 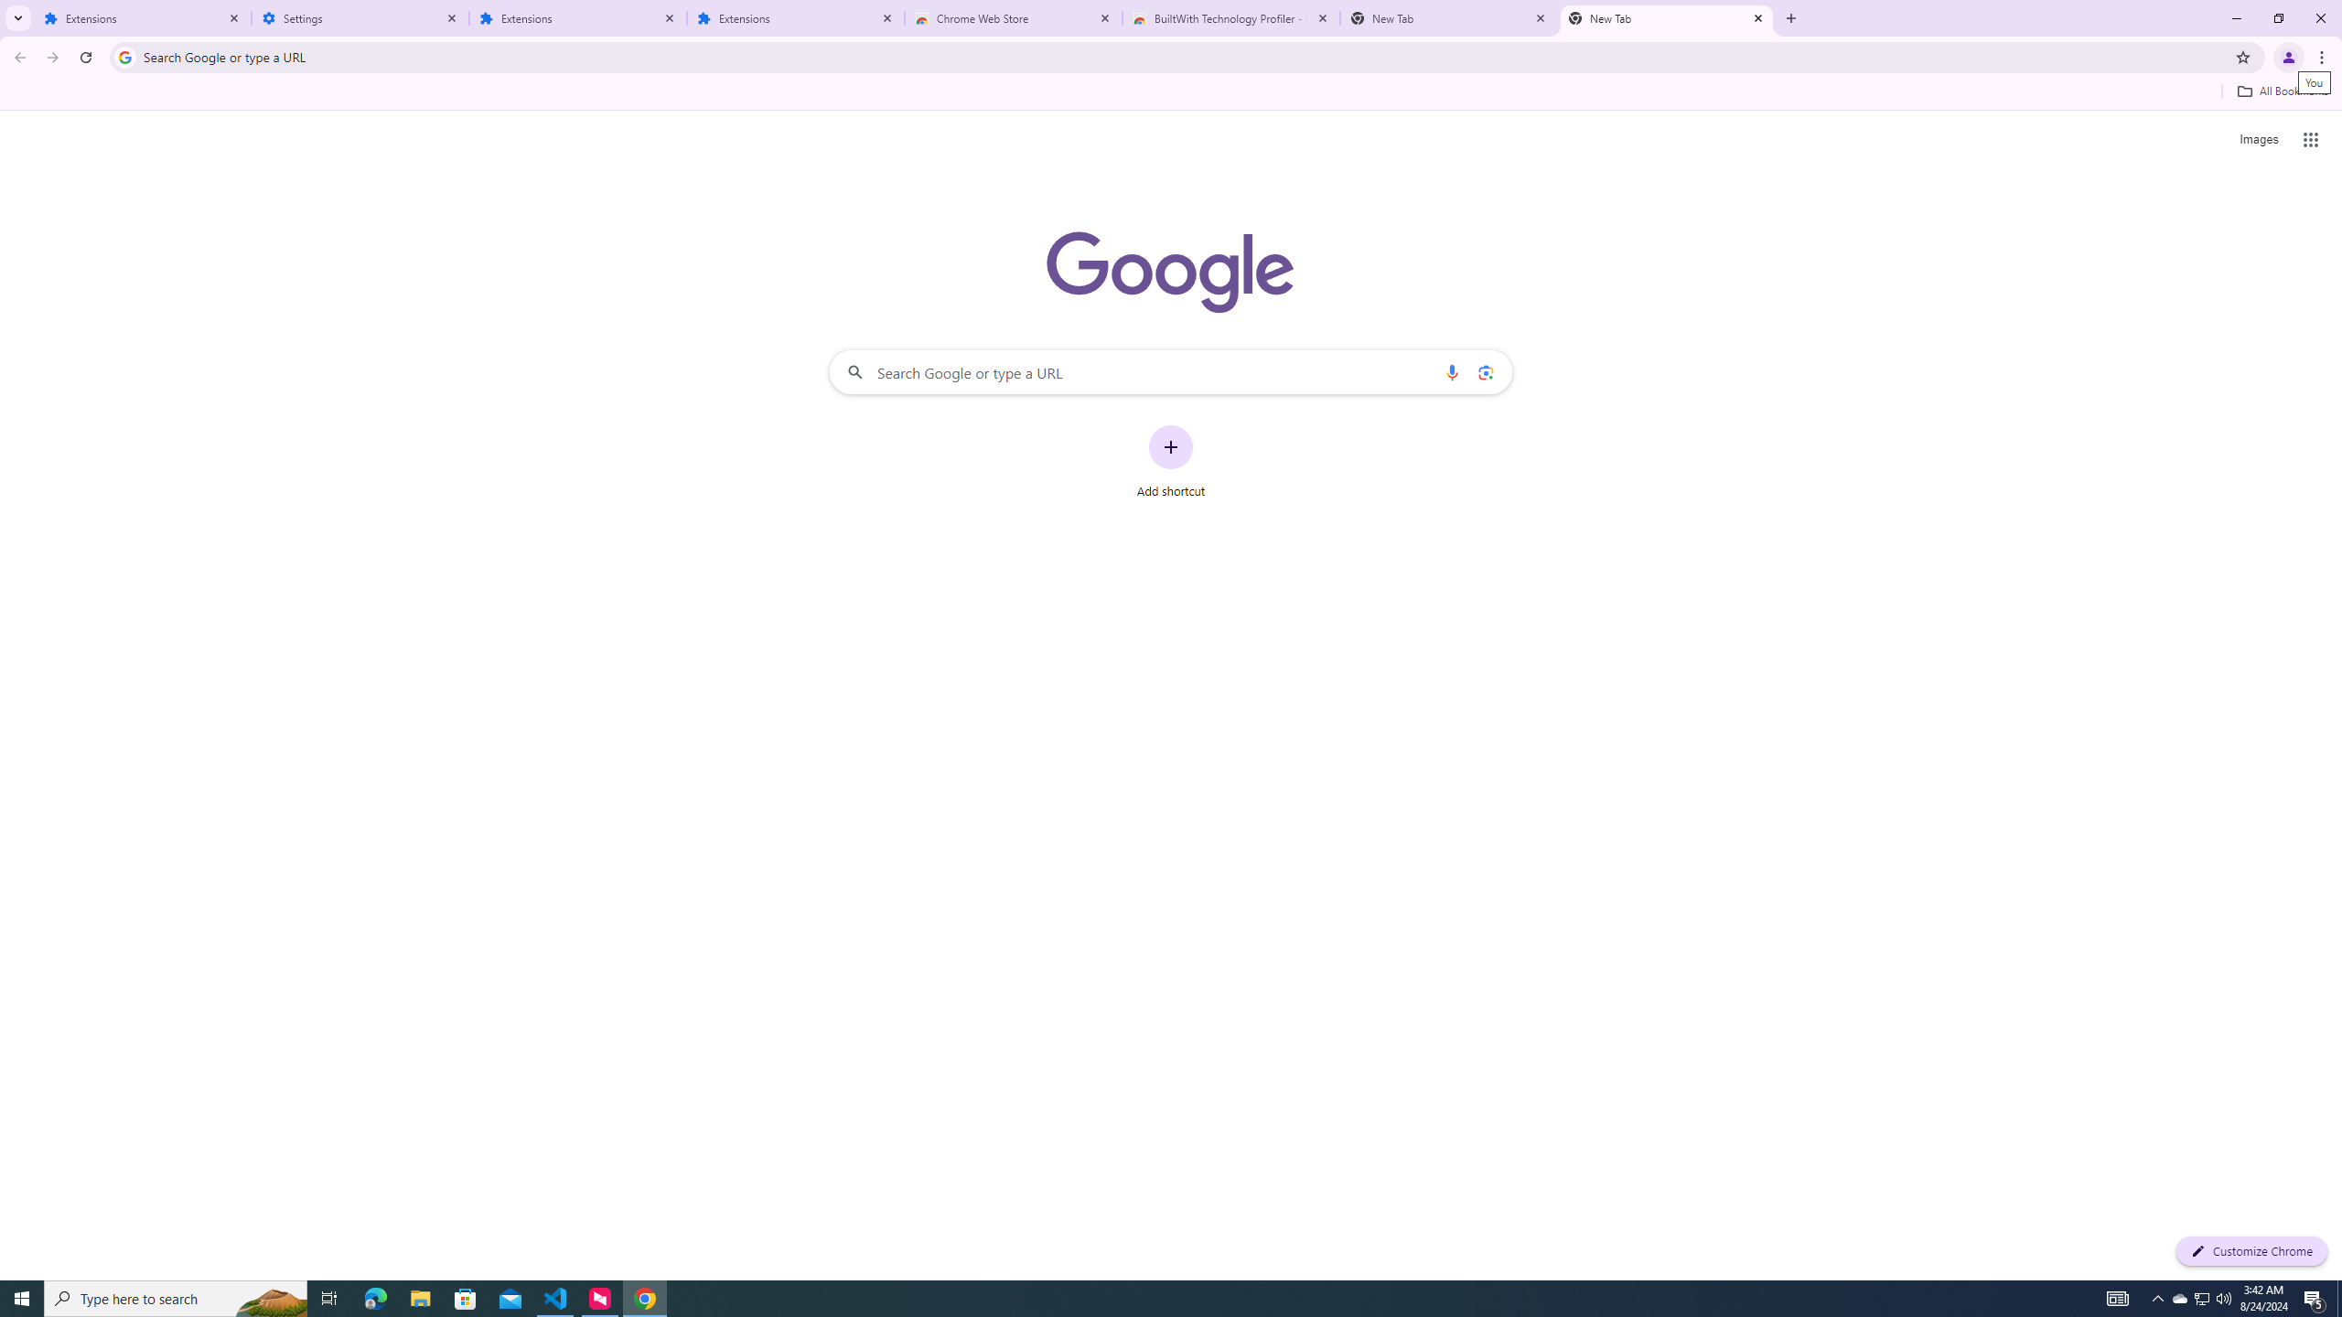 I want to click on 'Settings', so click(x=360, y=17).